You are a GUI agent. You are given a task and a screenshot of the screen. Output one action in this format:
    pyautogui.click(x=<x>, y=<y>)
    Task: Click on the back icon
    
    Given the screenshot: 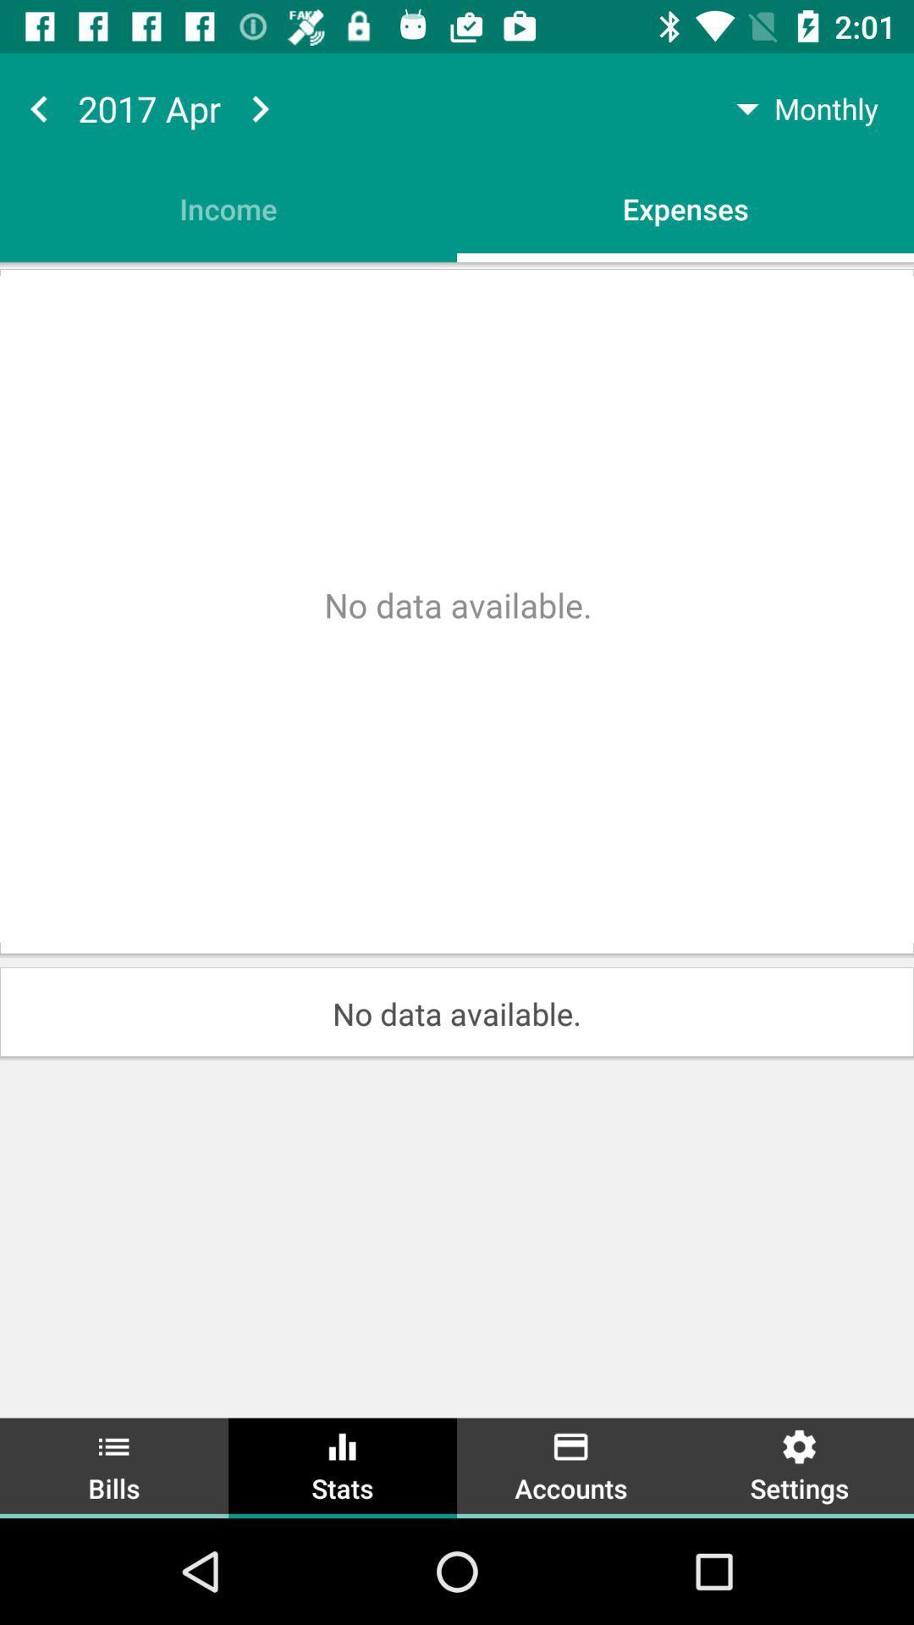 What is the action you would take?
    pyautogui.click(x=38, y=107)
    